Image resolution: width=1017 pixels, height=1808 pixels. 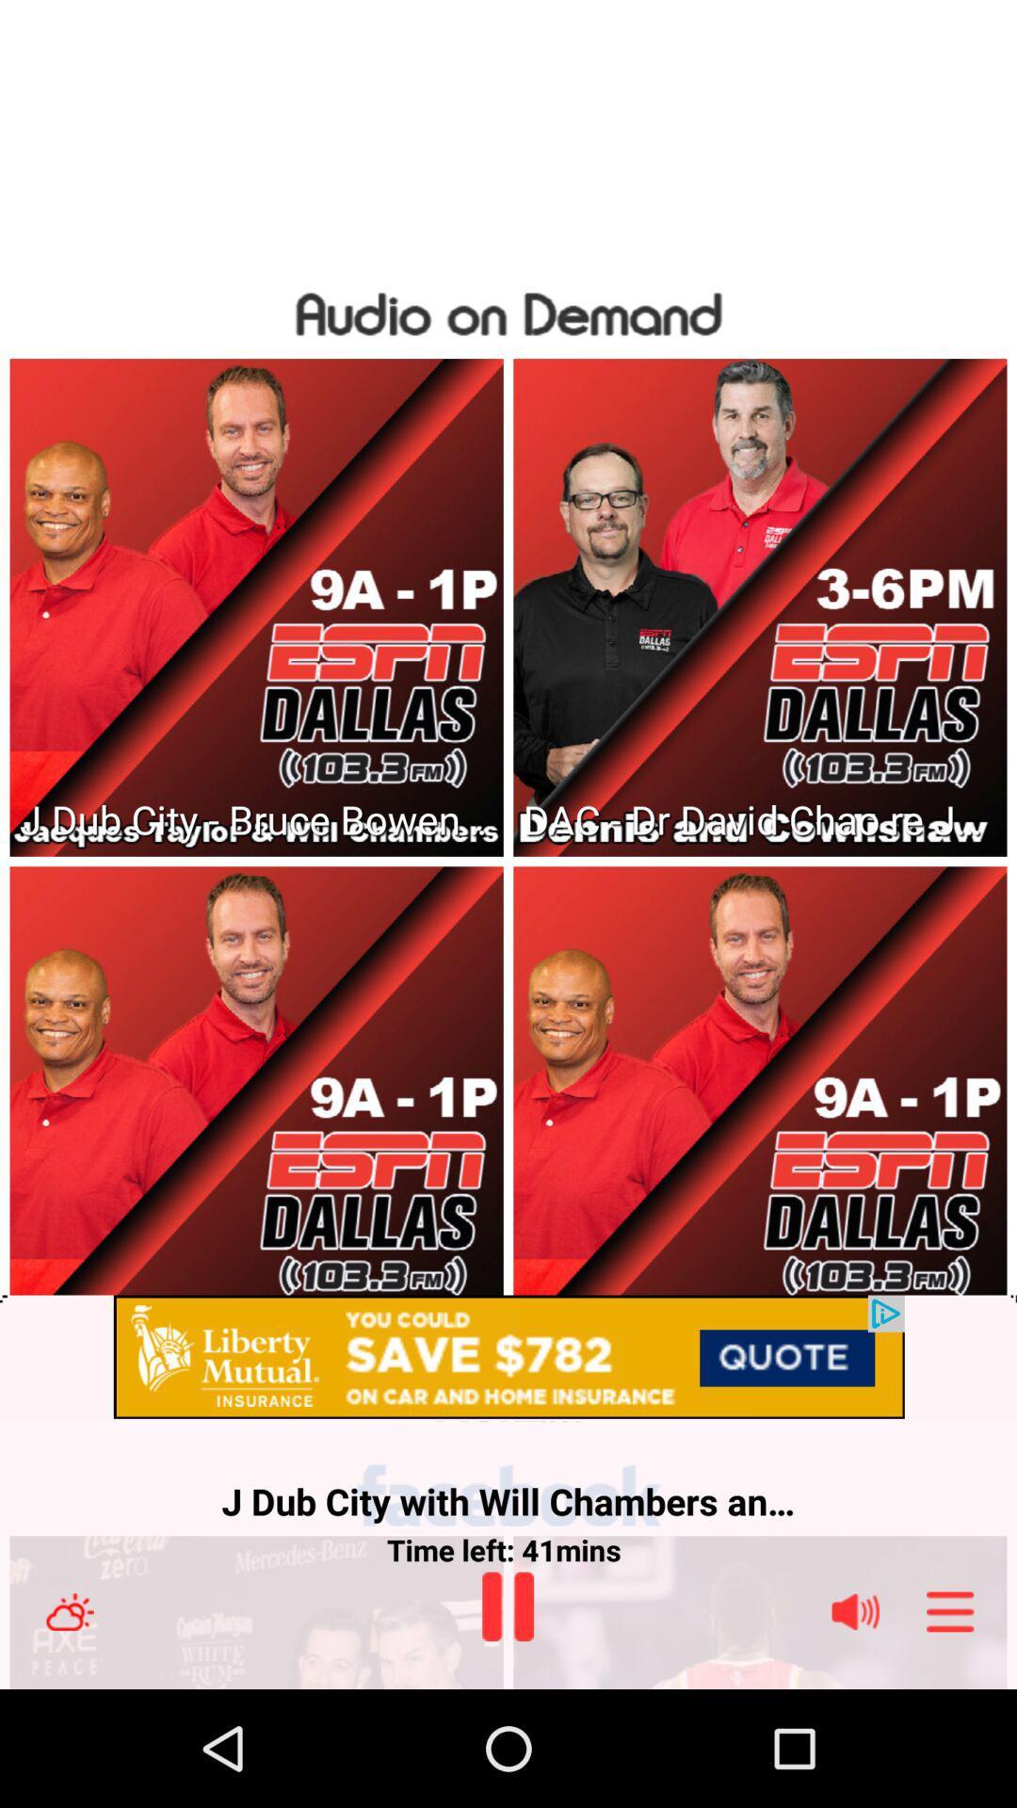 I want to click on the weather icon, so click(x=69, y=1725).